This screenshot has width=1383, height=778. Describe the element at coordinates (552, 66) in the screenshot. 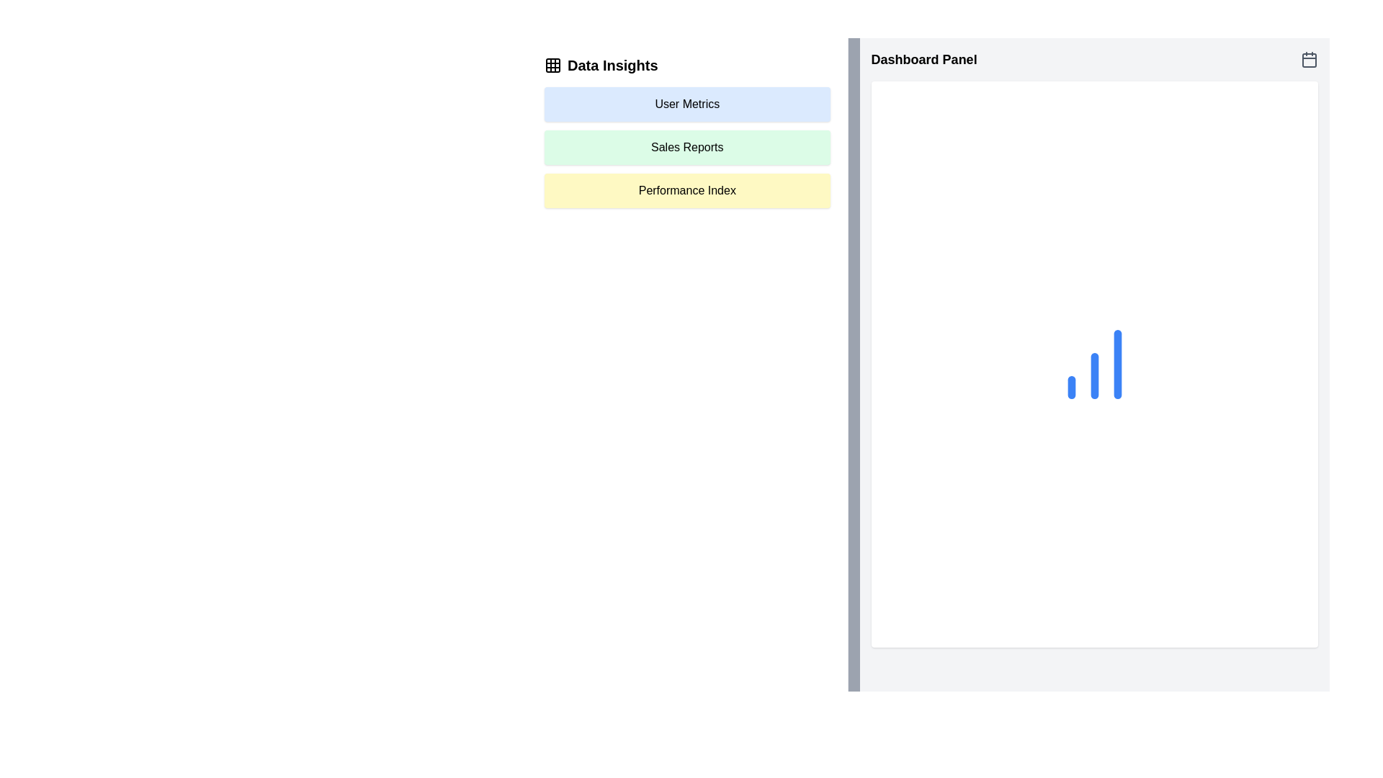

I see `the 3x3 grid icon located to the immediate left of the 'Data Insights' text, which serves as a heading for the section` at that location.